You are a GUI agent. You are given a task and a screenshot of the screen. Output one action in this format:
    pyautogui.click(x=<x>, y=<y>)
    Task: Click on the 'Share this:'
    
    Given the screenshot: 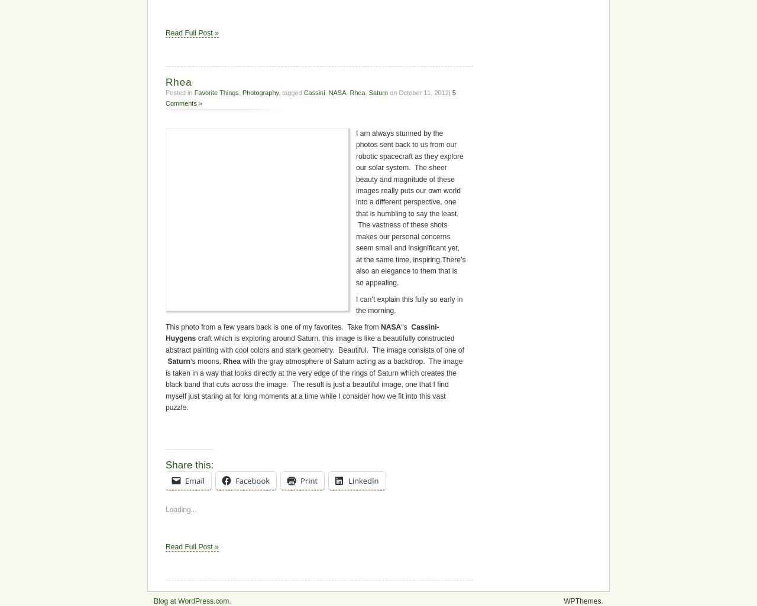 What is the action you would take?
    pyautogui.click(x=165, y=223)
    